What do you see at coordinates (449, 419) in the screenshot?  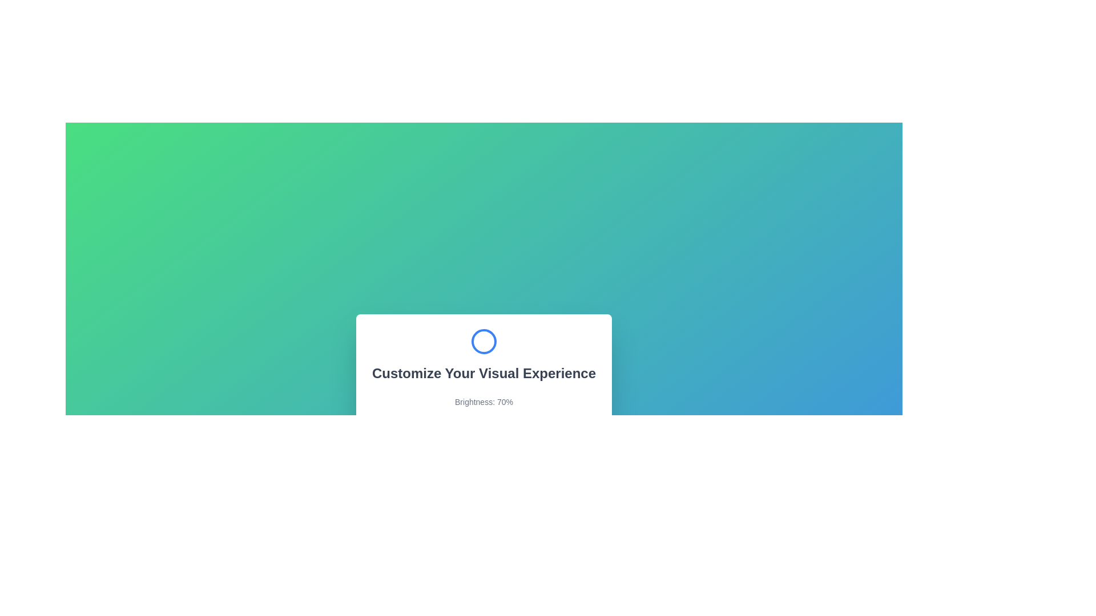 I see `the brightness slider to set brightness to 35%` at bounding box center [449, 419].